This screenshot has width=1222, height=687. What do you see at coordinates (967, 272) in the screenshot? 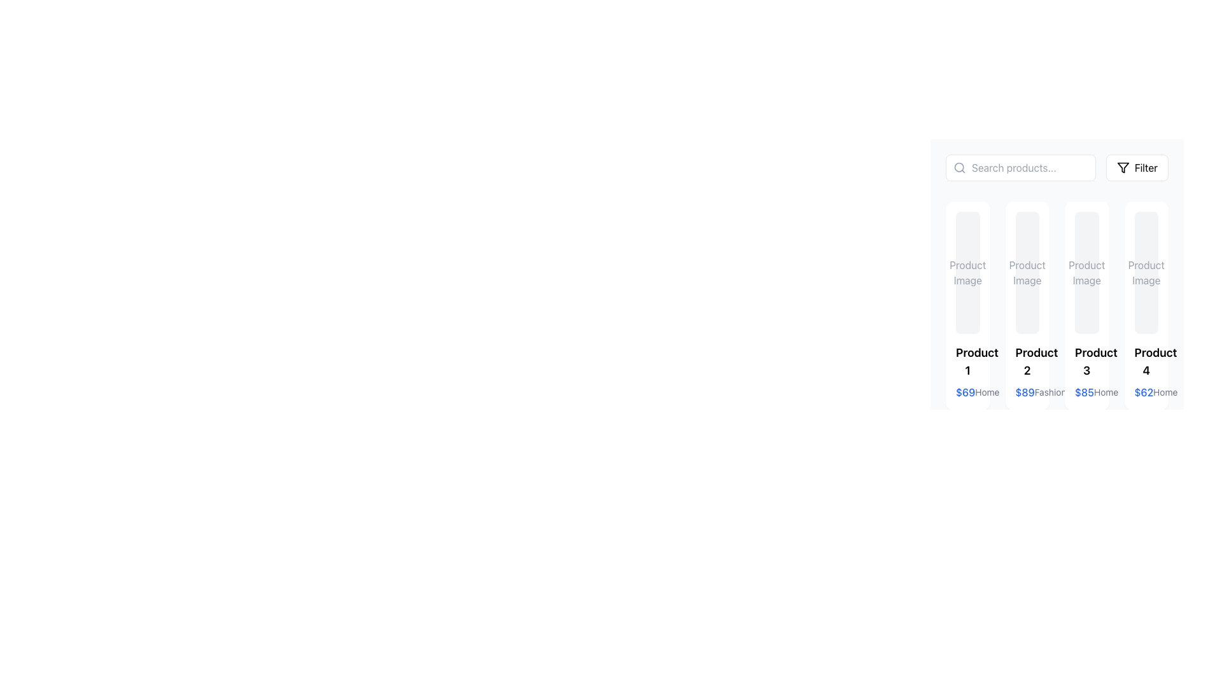
I see `the text label or placeholder that indicates the intended position of a product image, located in the first column of product placeholders` at bounding box center [967, 272].